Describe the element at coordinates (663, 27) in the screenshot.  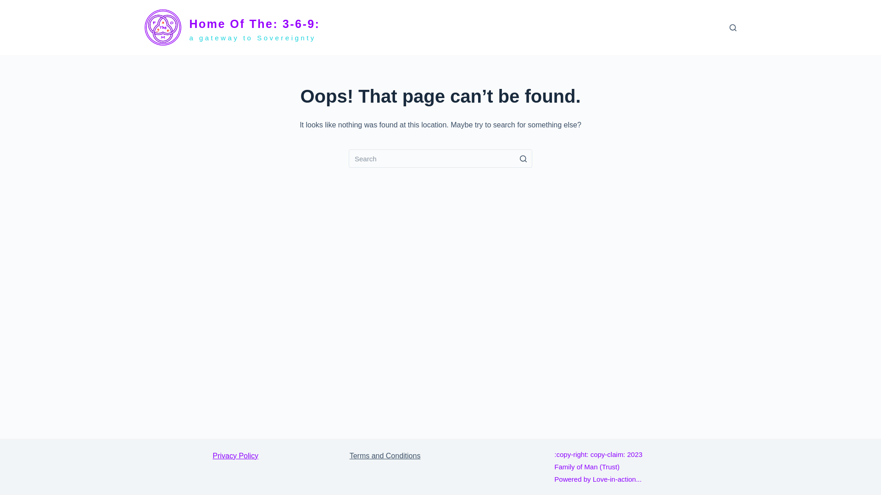
I see `'ABOUT'` at that location.